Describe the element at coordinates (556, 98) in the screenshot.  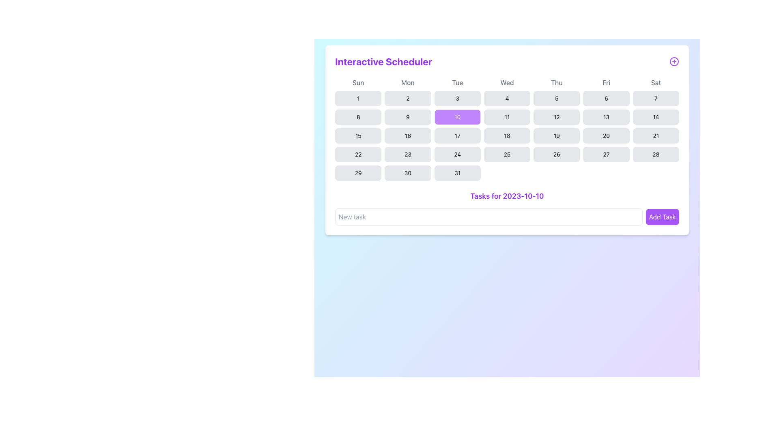
I see `the clickable calendar day button representing the 5th day, located in the first row under the 'Thu' header` at that location.